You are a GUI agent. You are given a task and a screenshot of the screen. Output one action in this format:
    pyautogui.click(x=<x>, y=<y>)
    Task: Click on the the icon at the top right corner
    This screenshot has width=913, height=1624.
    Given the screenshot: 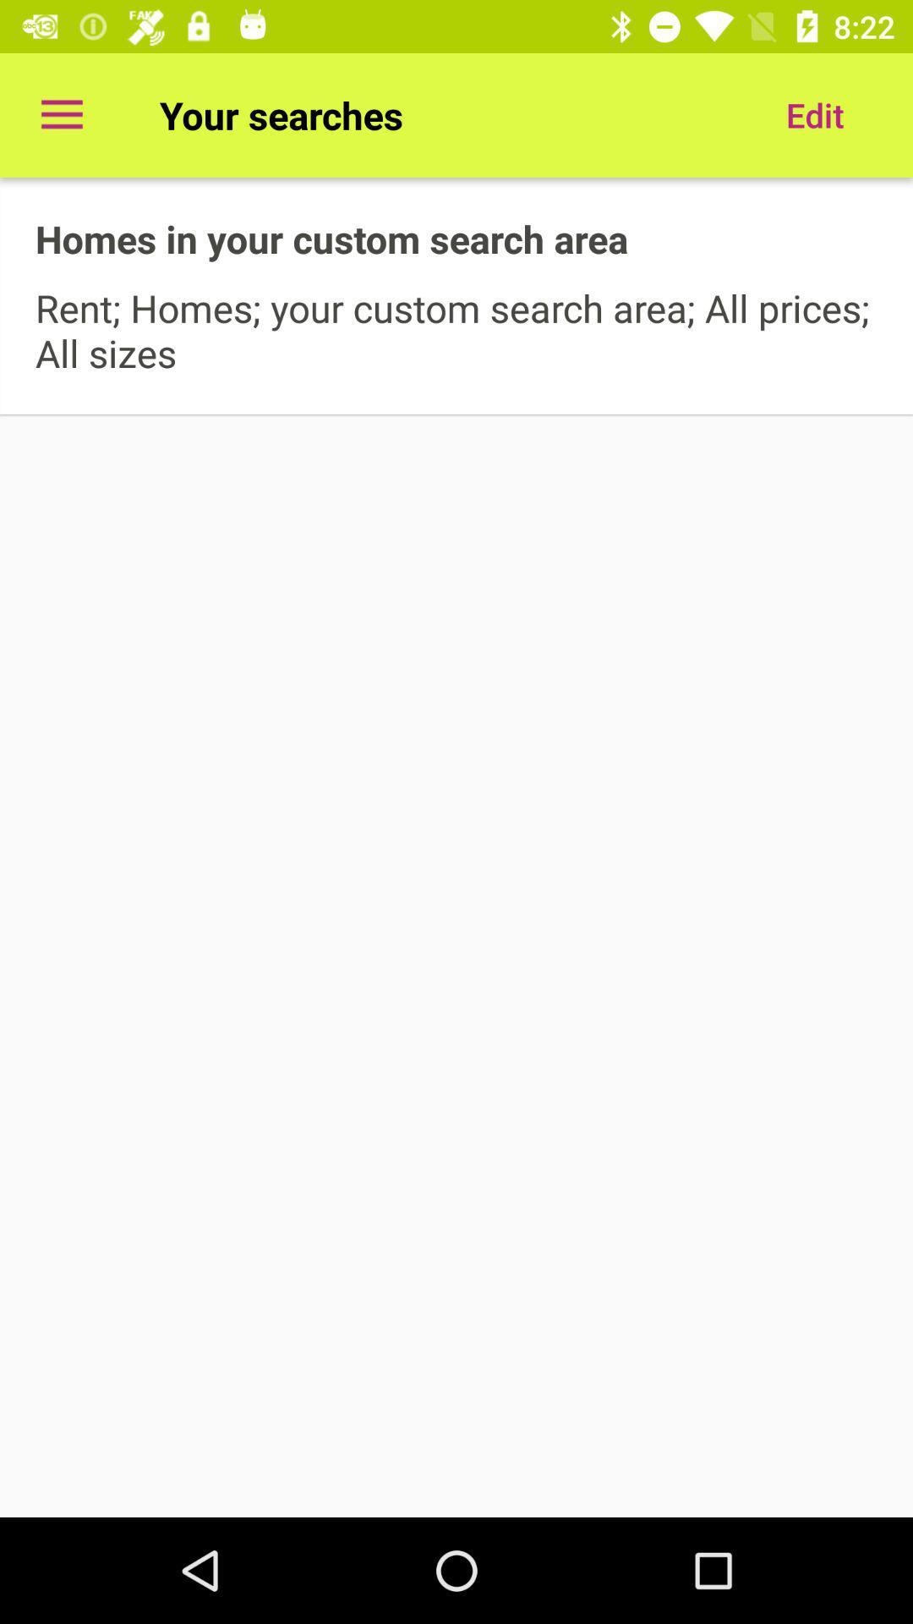 What is the action you would take?
    pyautogui.click(x=814, y=114)
    